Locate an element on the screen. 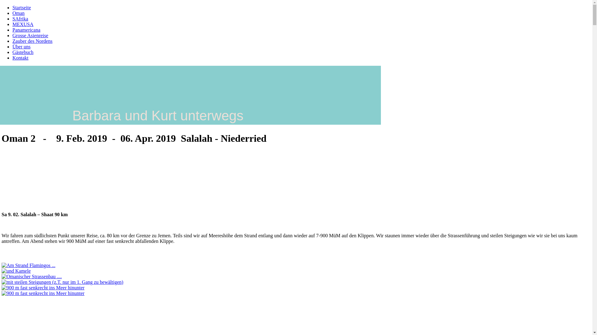 The height and width of the screenshot is (335, 597). 'Oman' is located at coordinates (18, 13).